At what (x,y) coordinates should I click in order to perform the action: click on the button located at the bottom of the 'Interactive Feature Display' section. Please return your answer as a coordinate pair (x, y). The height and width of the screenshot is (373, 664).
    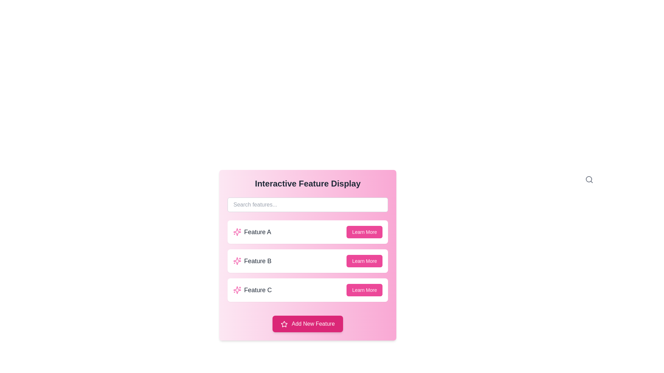
    Looking at the image, I should click on (307, 321).